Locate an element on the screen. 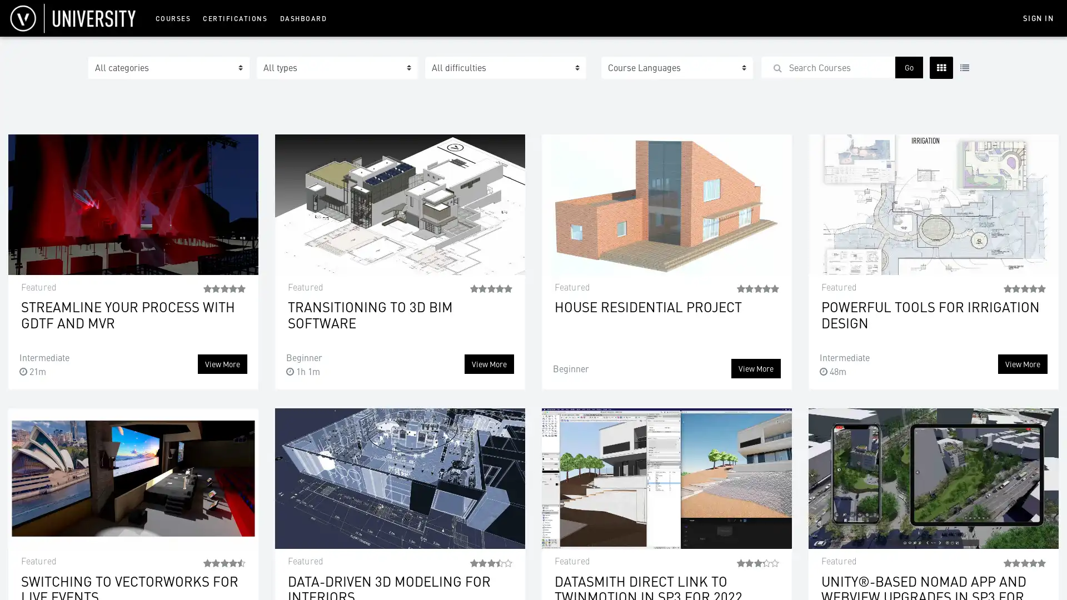 Image resolution: width=1067 pixels, height=600 pixels. View More is located at coordinates (222, 364).